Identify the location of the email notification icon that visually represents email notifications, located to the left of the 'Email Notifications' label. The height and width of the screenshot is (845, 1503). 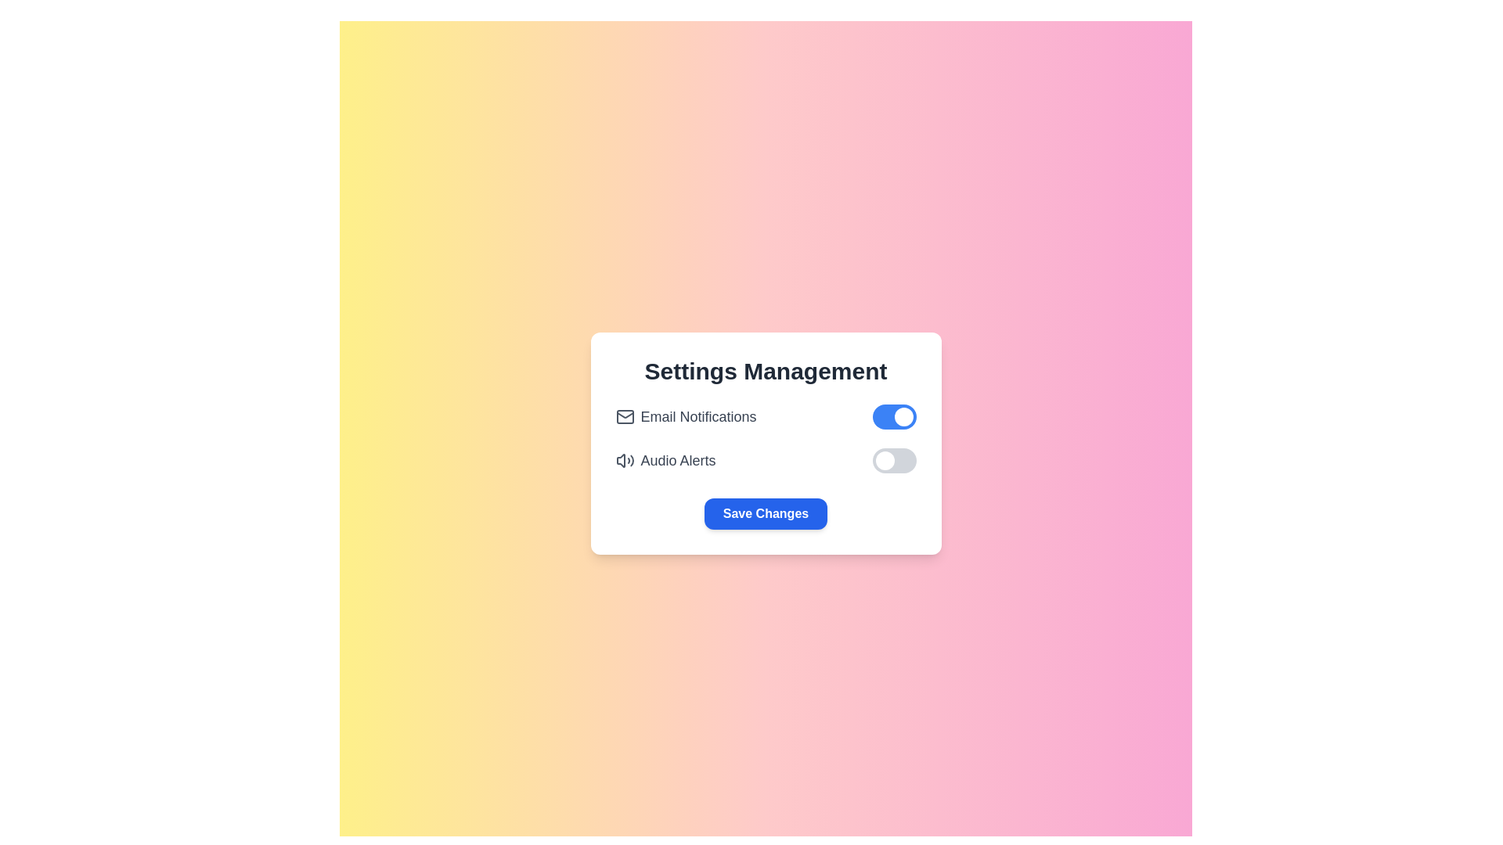
(624, 415).